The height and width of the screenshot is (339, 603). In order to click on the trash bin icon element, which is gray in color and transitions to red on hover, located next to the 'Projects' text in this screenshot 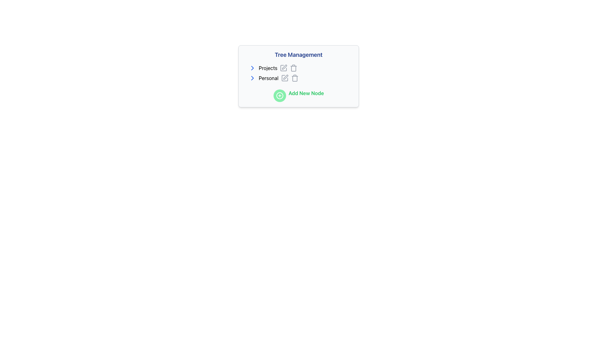, I will do `click(293, 69)`.